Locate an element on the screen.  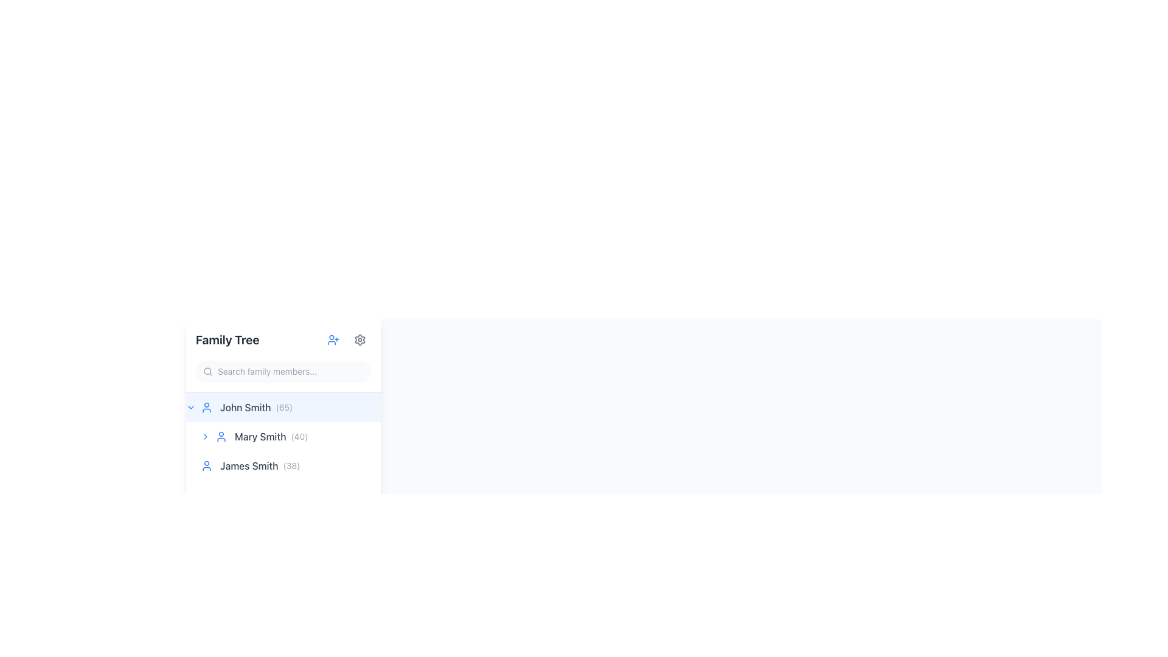
the rounded blue-colored icon button depicting a user symbol with a plus sign is located at coordinates (333, 340).